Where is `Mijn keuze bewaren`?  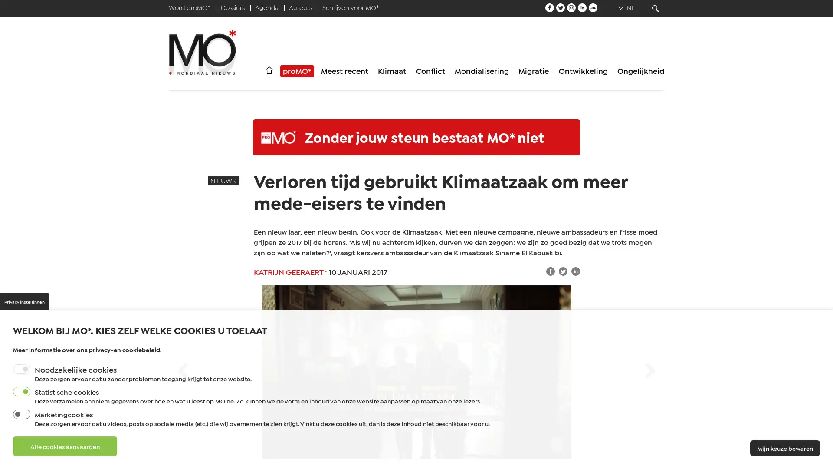 Mijn keuze bewaren is located at coordinates (785, 448).